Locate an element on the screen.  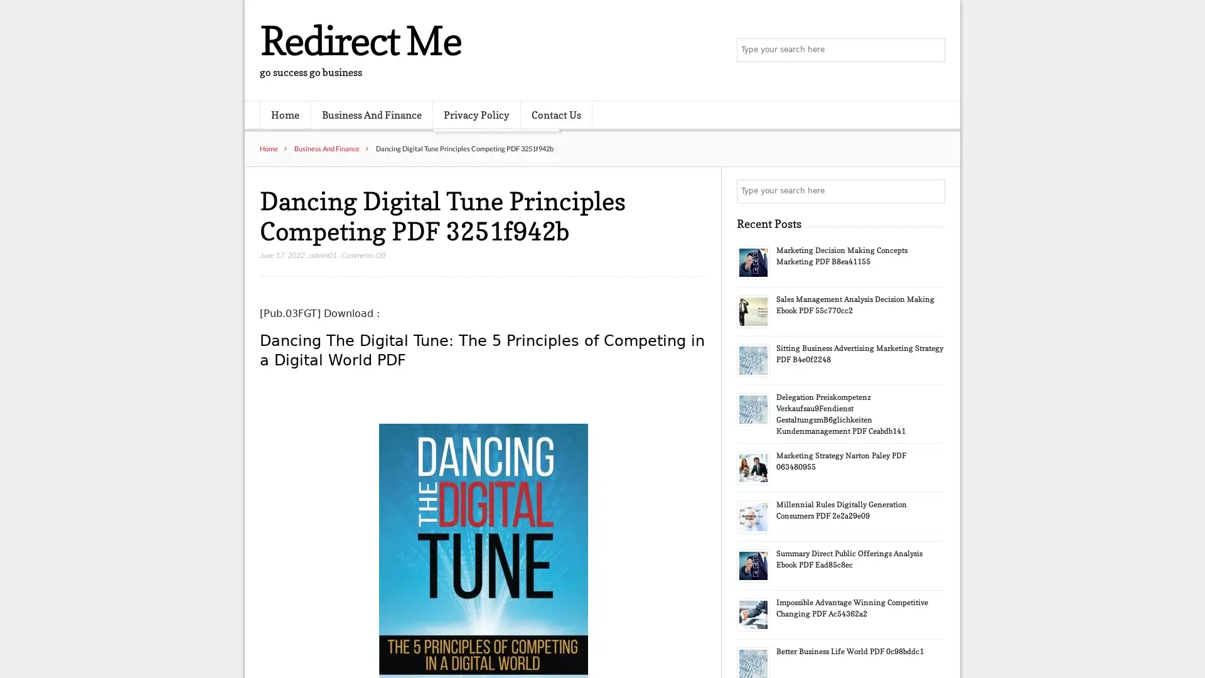
Search is located at coordinates (932, 50).